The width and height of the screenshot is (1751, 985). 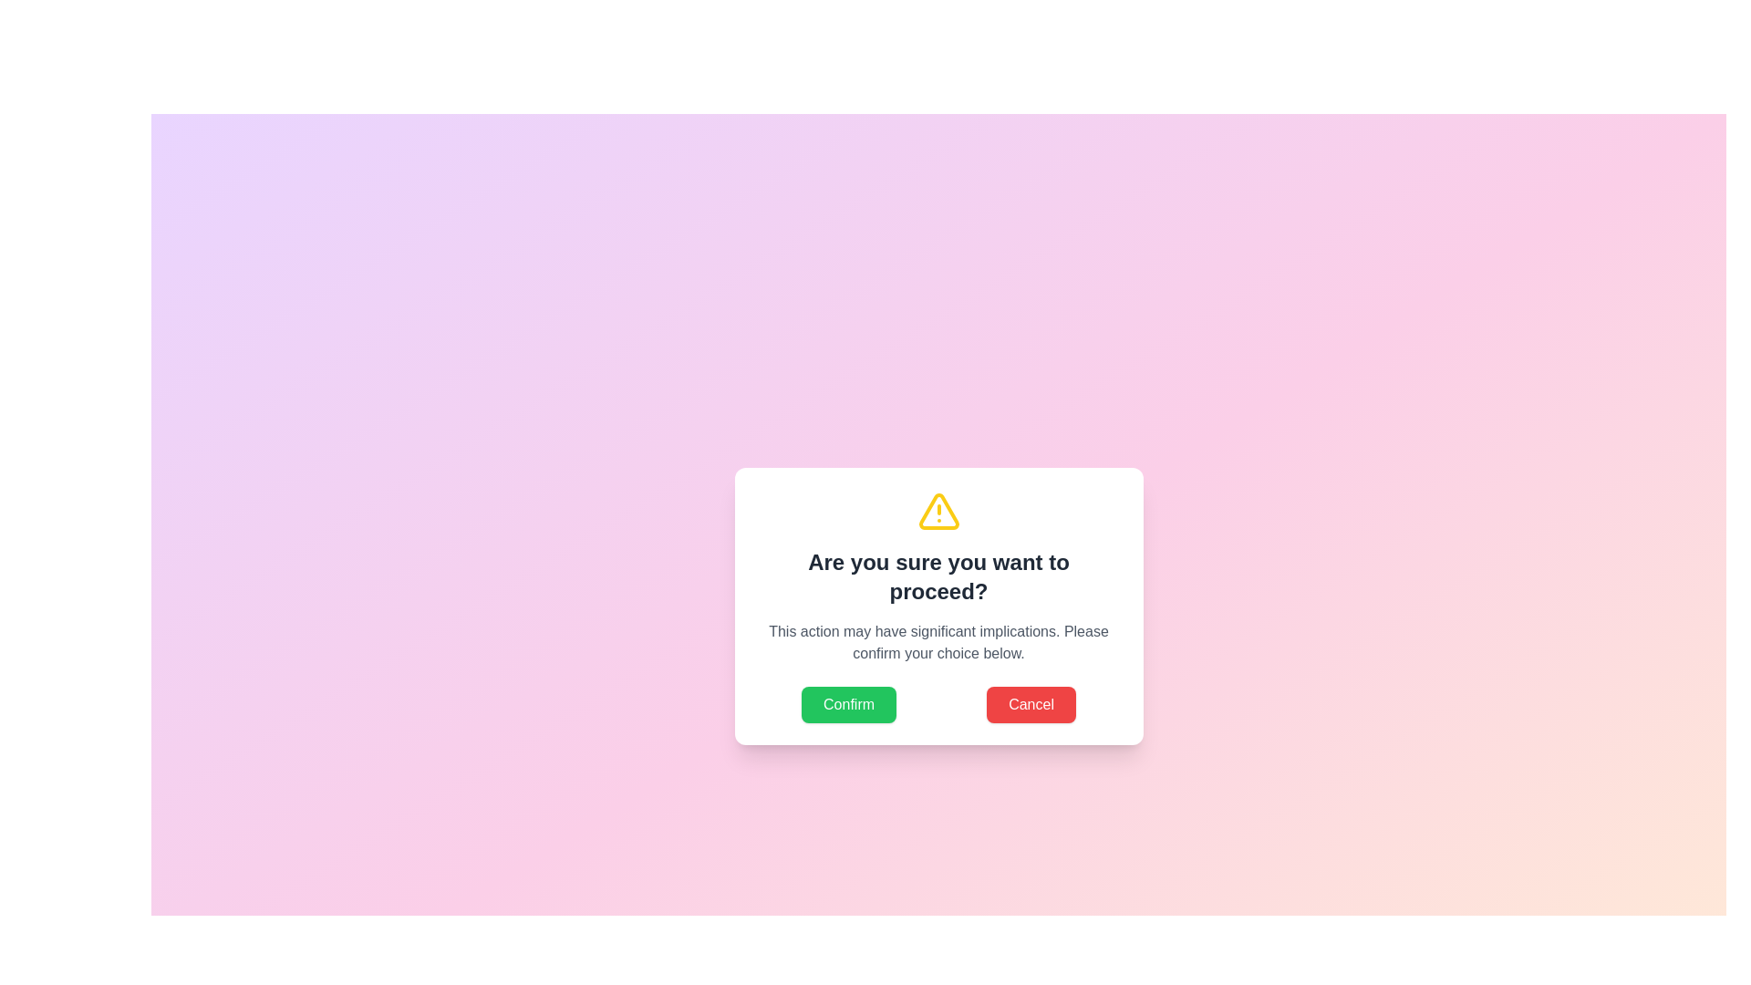 What do you see at coordinates (938, 642) in the screenshot?
I see `information displayed in the gray text block that states 'This action may have significant implications. Please confirm your choice below.', which is centrally located in the modal box, beneath the title 'Are you sure you want to proceed?' and above the 'Confirm' and 'Cancel' buttons` at bounding box center [938, 642].